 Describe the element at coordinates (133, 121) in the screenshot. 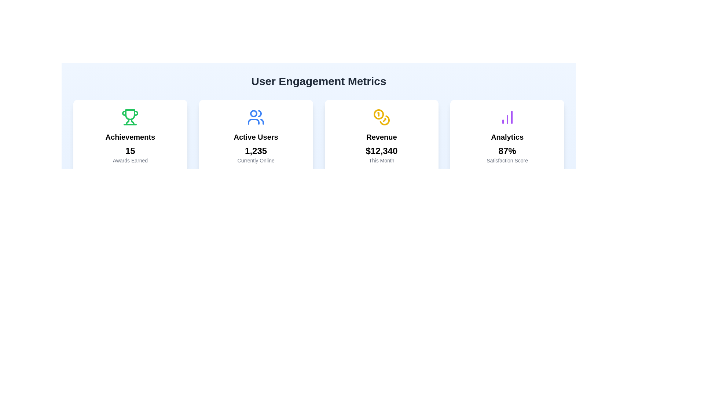

I see `the trophy icon by hovering over it, which is located in the 'Achievements' card within the 'User Engagement Metrics' section` at that location.